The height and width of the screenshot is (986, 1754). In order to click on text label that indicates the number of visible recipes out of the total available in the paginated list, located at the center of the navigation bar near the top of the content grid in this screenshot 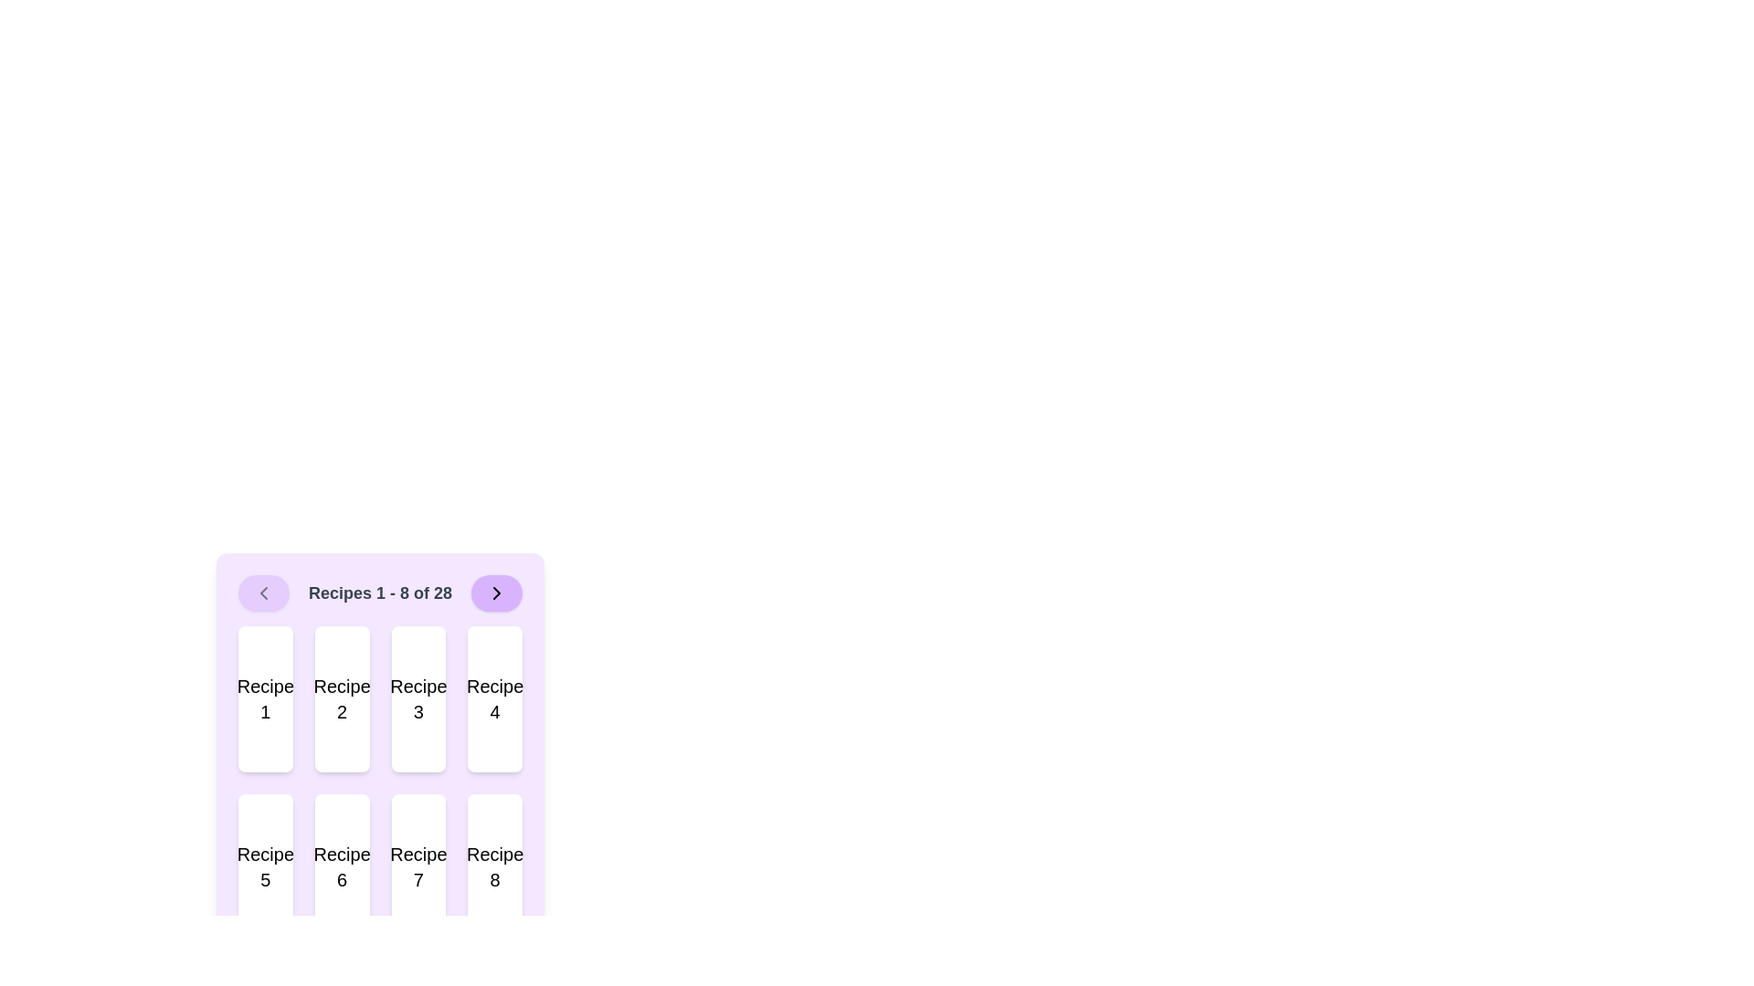, I will do `click(379, 593)`.